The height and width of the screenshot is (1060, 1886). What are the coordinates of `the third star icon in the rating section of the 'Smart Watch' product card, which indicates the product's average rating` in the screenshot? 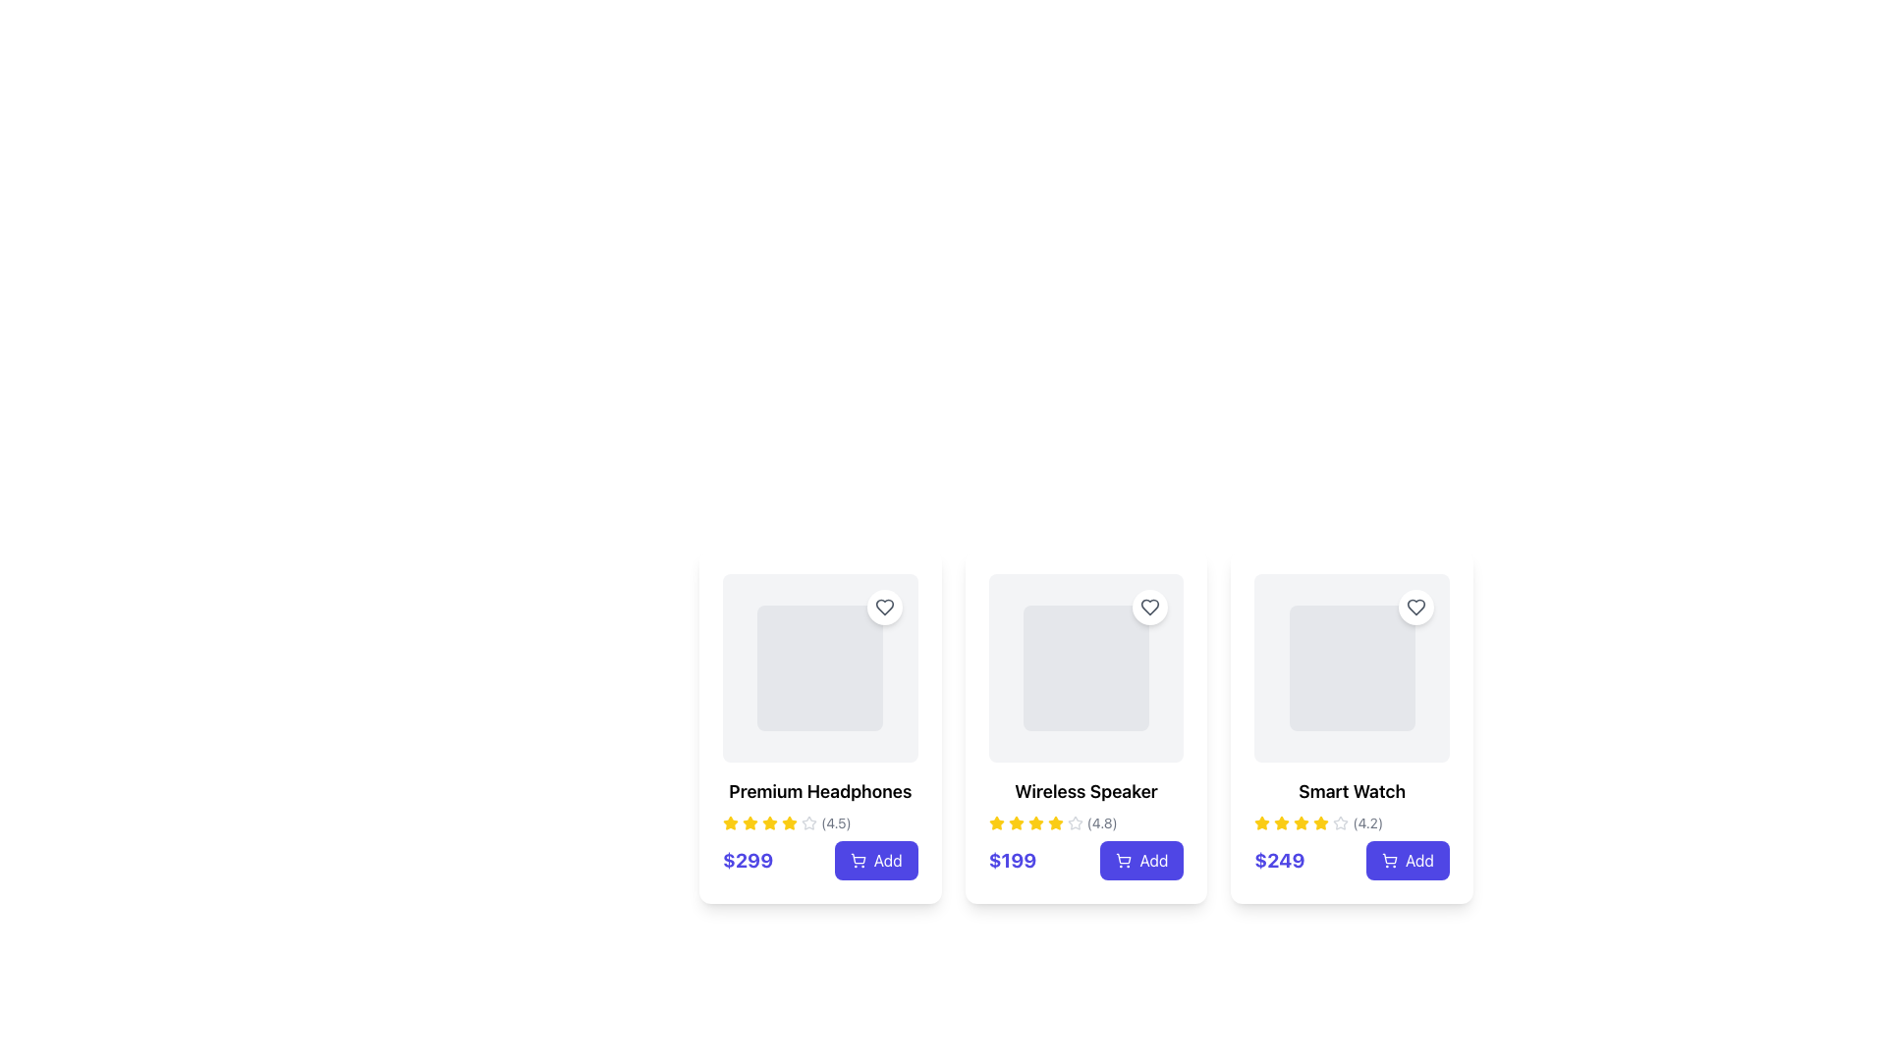 It's located at (1340, 822).